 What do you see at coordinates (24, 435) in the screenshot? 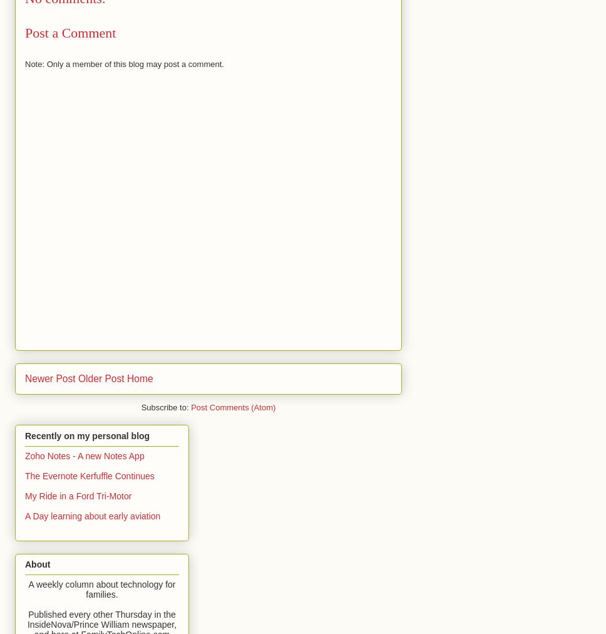
I see `'Recently on my personal blog'` at bounding box center [24, 435].